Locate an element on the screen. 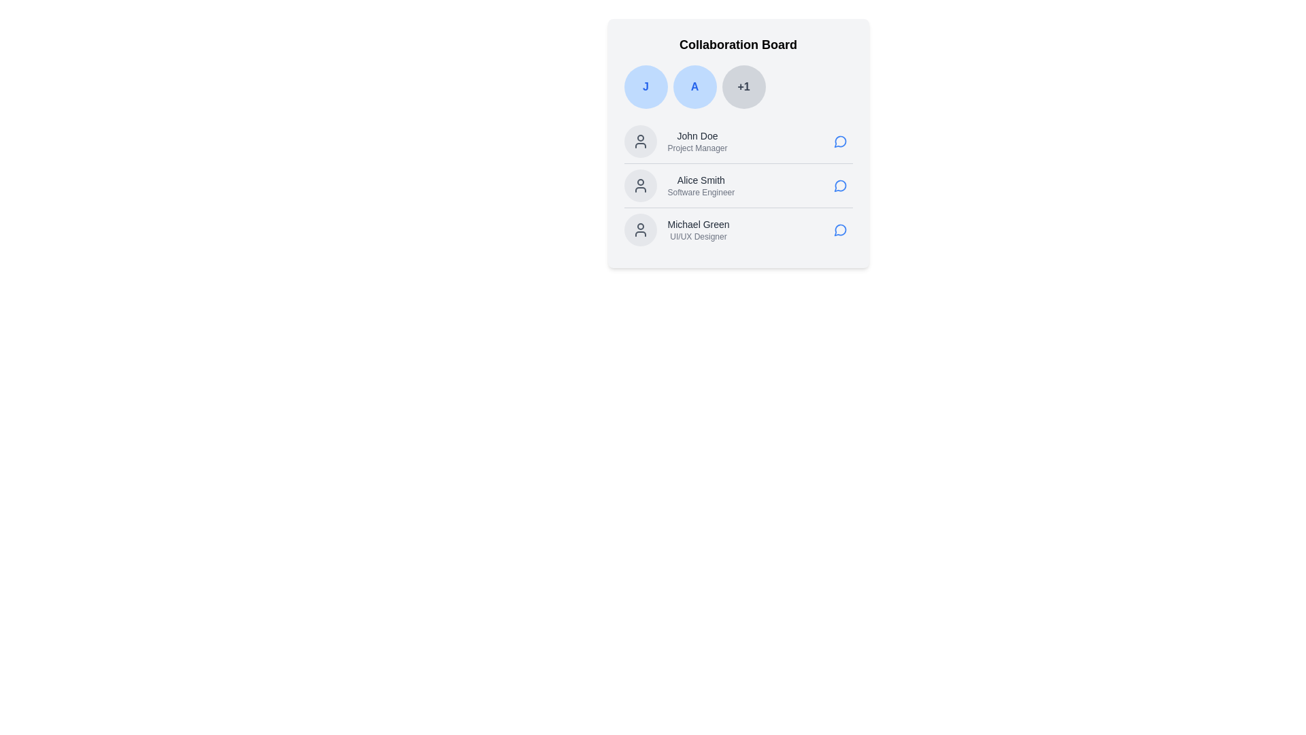 The width and height of the screenshot is (1306, 735). the Avatar Icon, which is a circular icon with a light gray background and a dark gray user silhouette, located to the left of the text block containing 'John Doe' and 'Project Manager' is located at coordinates (639, 142).